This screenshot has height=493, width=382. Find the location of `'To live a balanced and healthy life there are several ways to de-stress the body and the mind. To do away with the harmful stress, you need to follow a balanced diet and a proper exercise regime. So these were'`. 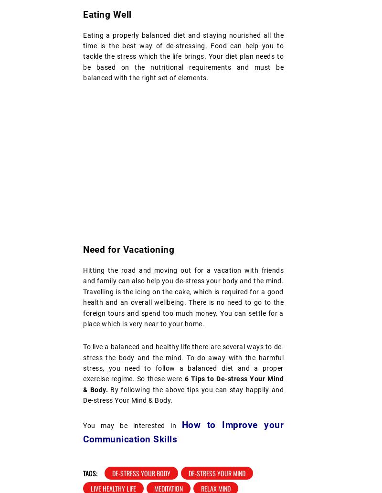

'To live a balanced and healthy life there are several ways to de-stress the body and the mind. To do away with the harmful stress, you need to follow a balanced diet and a proper exercise regime. So these were' is located at coordinates (183, 362).